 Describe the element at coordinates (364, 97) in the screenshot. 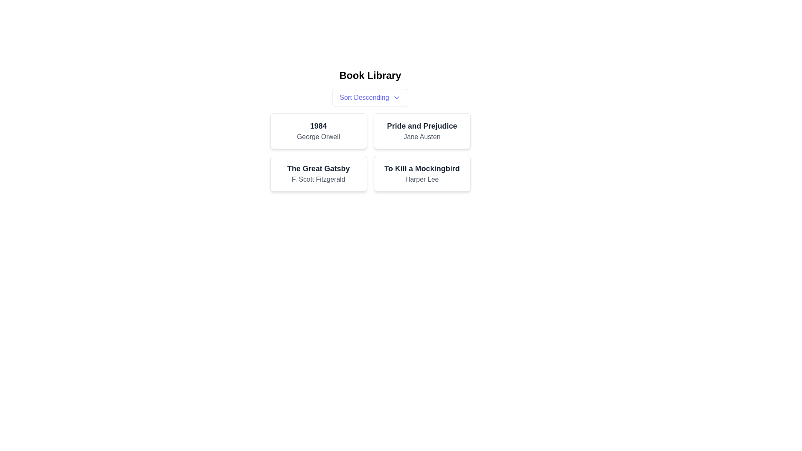

I see `the 'Sort Descending' text label within the dropdown menu to interact with it` at that location.